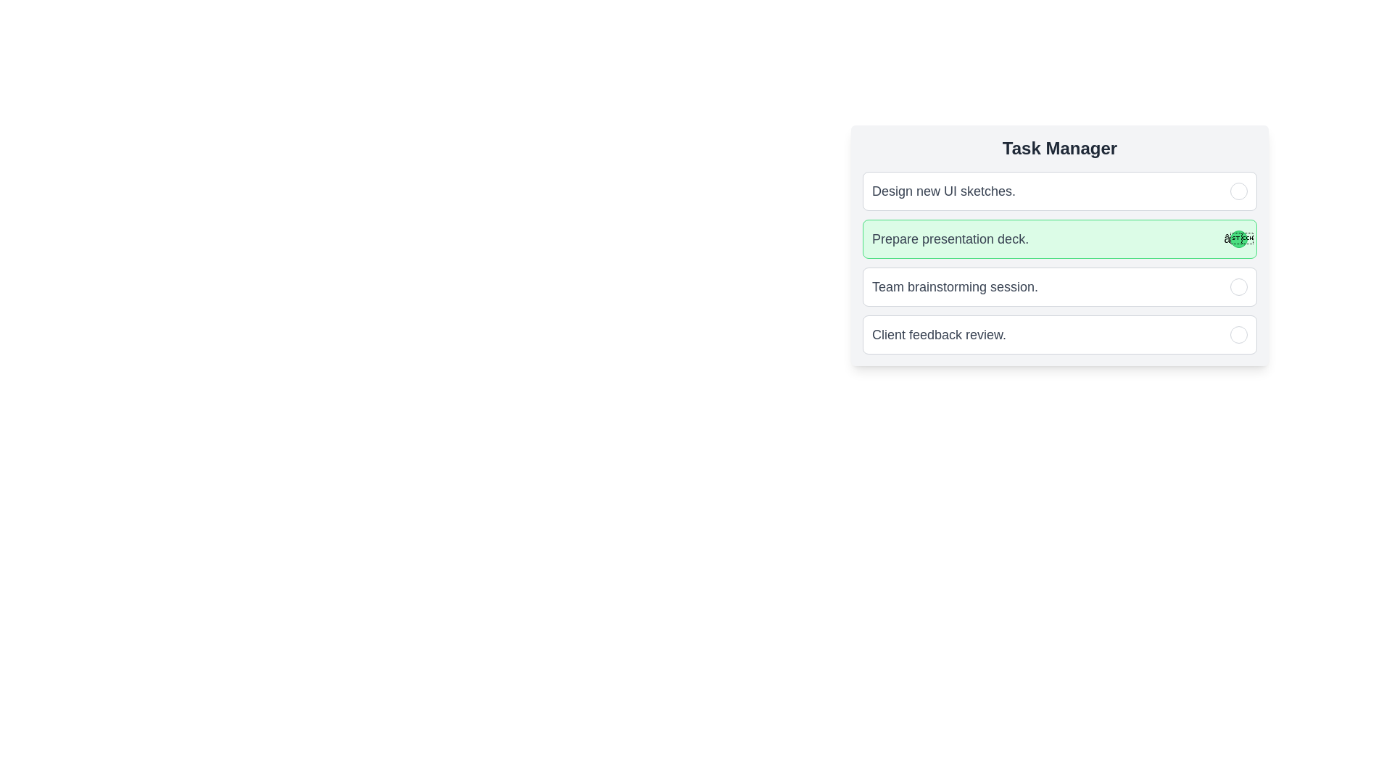  Describe the element at coordinates (955, 287) in the screenshot. I see `the text label reading 'Team brainstorming session.' in the Task Manager interface for information` at that location.